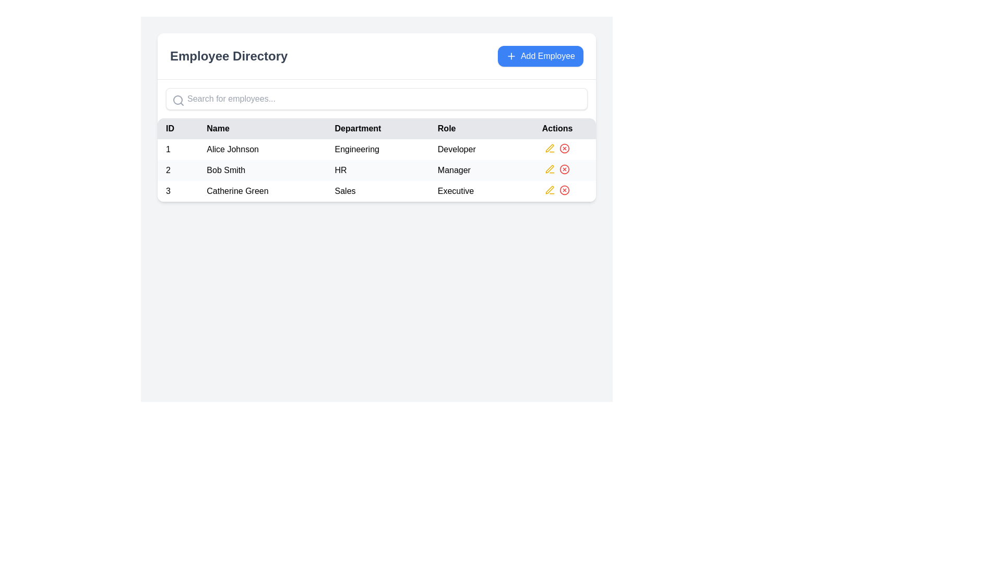 The width and height of the screenshot is (1002, 563). I want to click on the second row of the Employee Directory table, which contains an employee's details including ID, name, department, and role, so click(376, 170).